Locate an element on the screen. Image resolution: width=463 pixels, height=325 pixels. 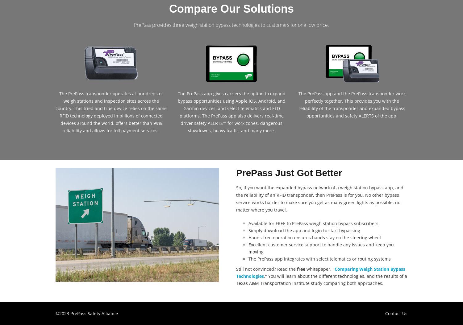
'PrePass provides three weigh station bypass technologies to customers for one low price.' is located at coordinates (231, 24).